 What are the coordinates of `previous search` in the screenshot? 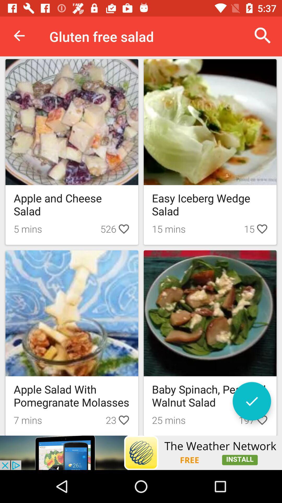 It's located at (251, 401).